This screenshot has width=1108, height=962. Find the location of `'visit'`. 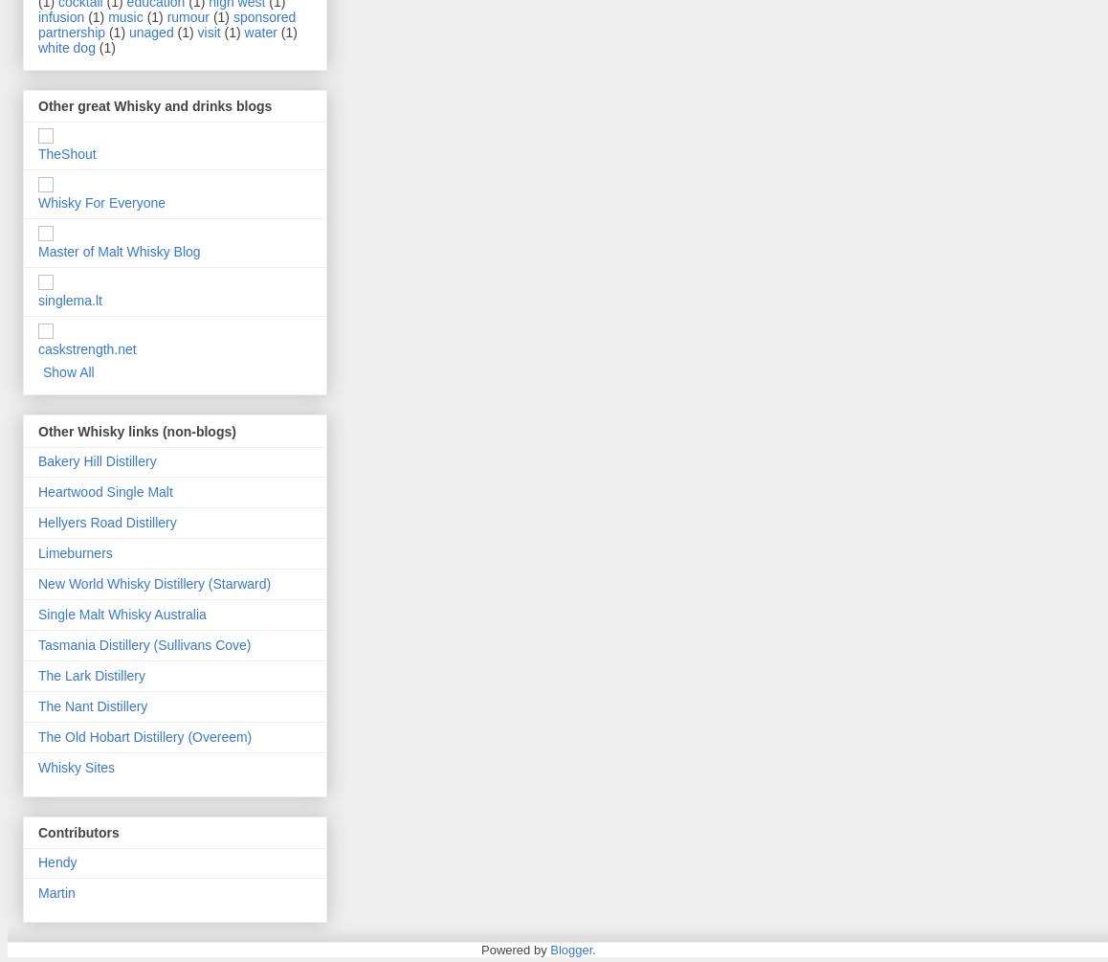

'visit' is located at coordinates (209, 32).